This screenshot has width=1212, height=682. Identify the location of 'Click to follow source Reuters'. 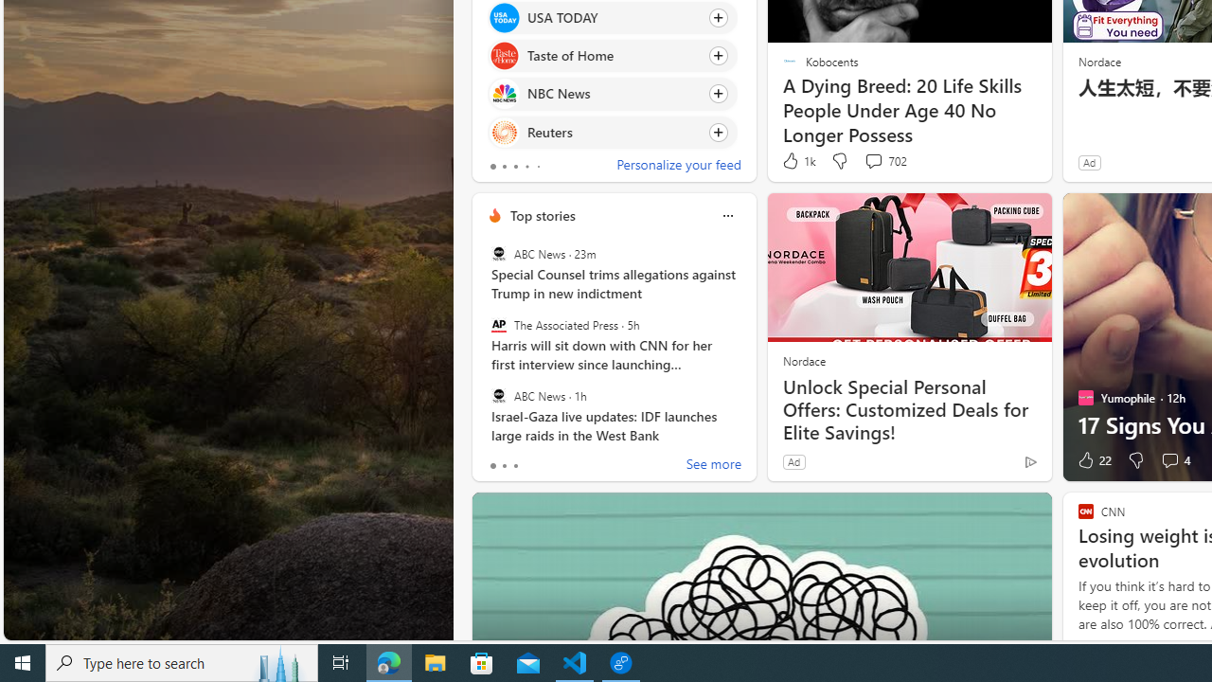
(613, 131).